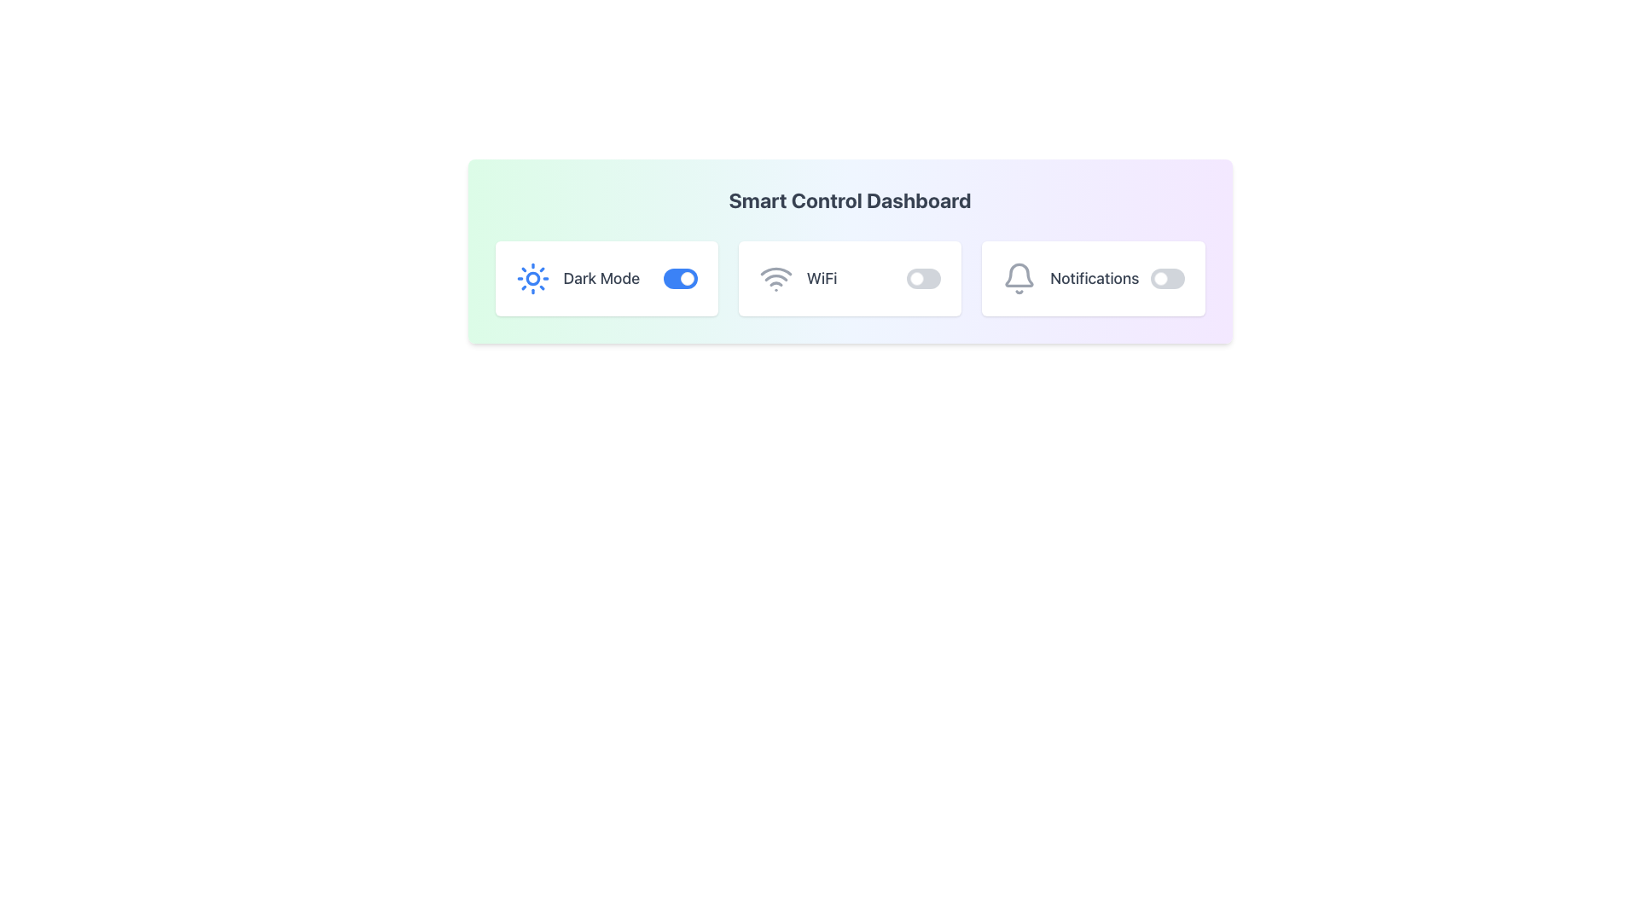 This screenshot has width=1638, height=921. What do you see at coordinates (1019, 274) in the screenshot?
I see `the bell icon used for notifications, which is located within a larger interactive card with a 'Notifications' label, positioned to the far right of the dashboard interface` at bounding box center [1019, 274].